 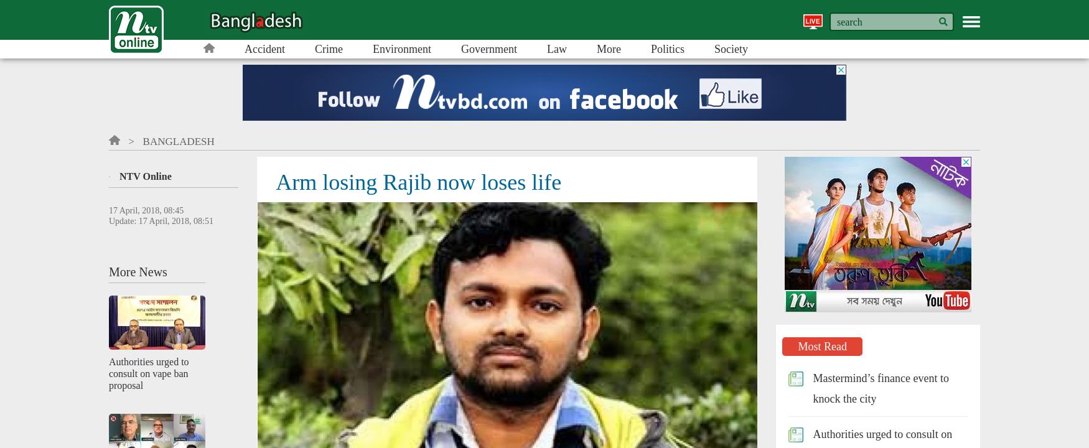 I want to click on 'More News', so click(x=138, y=271).